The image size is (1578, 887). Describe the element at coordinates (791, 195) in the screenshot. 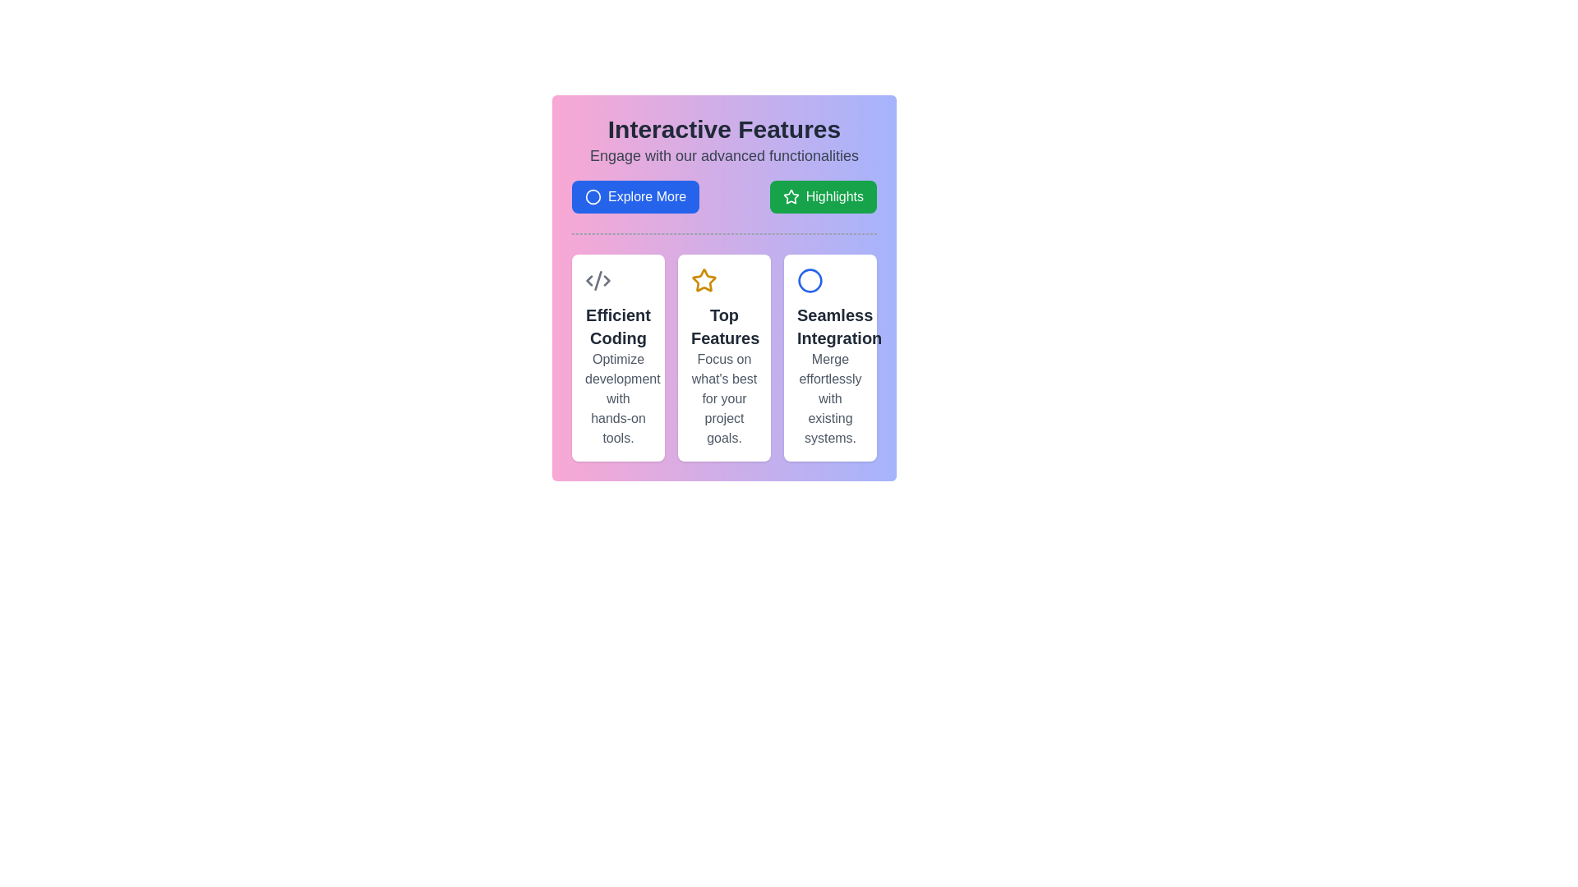

I see `the star-shaped icon used for marking items as favorites, located in the 'Top Features' card above the text 'Top Features'` at that location.